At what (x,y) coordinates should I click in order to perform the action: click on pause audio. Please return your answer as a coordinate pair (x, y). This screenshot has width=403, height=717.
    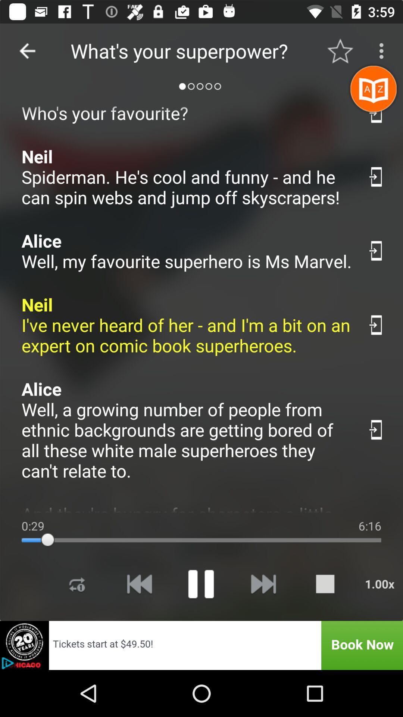
    Looking at the image, I should click on (200, 583).